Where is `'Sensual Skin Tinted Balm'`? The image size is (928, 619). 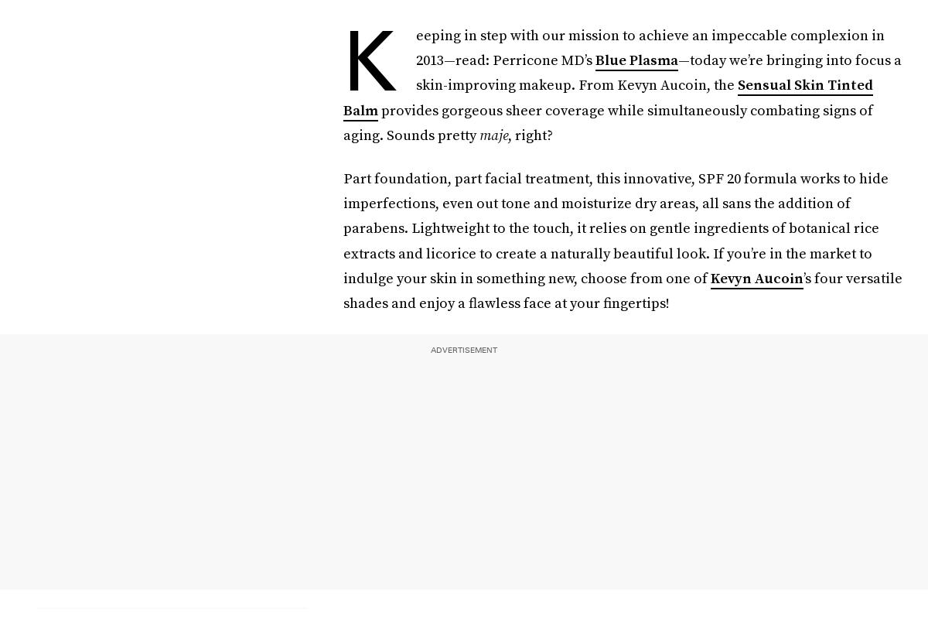 'Sensual Skin Tinted Balm' is located at coordinates (607, 96).